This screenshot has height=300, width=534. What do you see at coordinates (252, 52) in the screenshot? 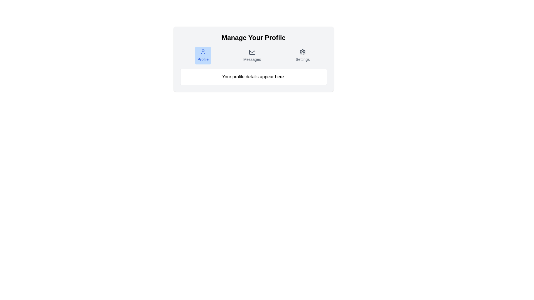
I see `the envelope icon that is styled with a minimalist outline in gray, located above the 'Messages' text label, which is the central button in a horizontal group of three buttons ('Profile', 'Messages', 'Settings')` at bounding box center [252, 52].